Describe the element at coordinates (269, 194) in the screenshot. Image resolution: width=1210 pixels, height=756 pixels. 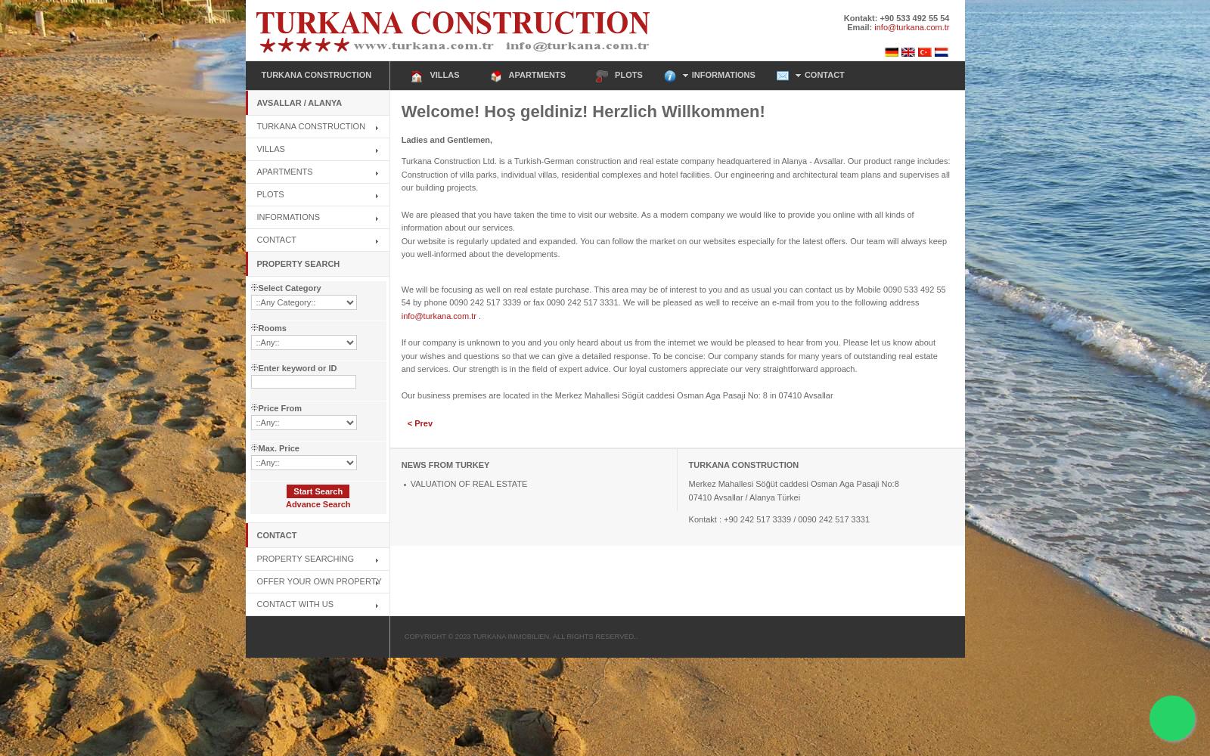
I see `'Plots'` at that location.